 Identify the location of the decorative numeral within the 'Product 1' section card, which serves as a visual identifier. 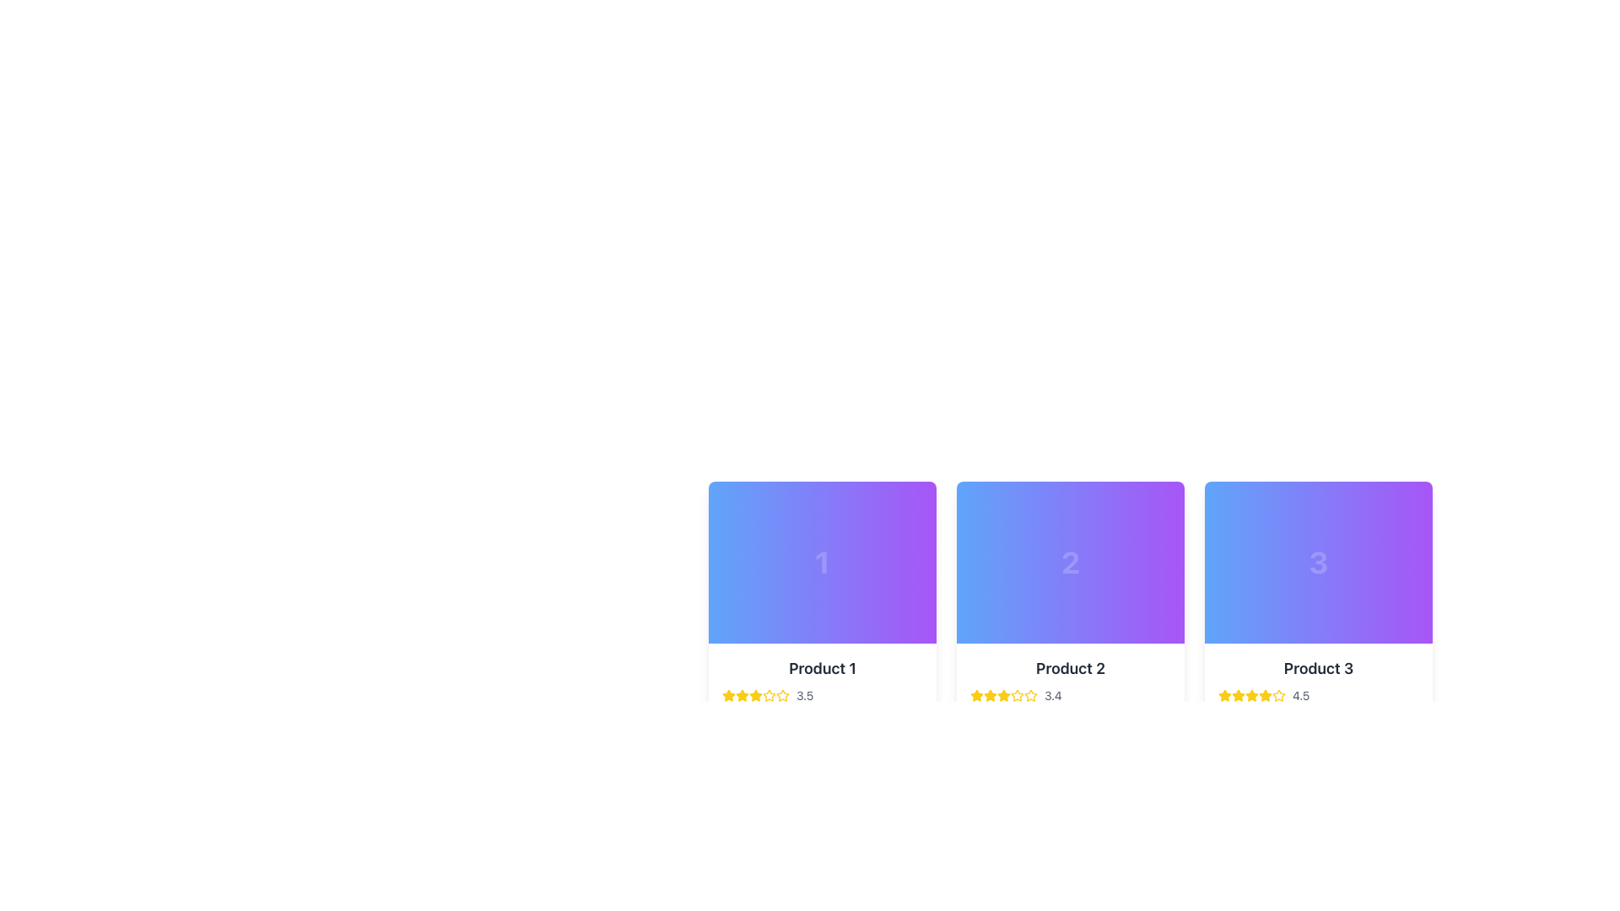
(822, 563).